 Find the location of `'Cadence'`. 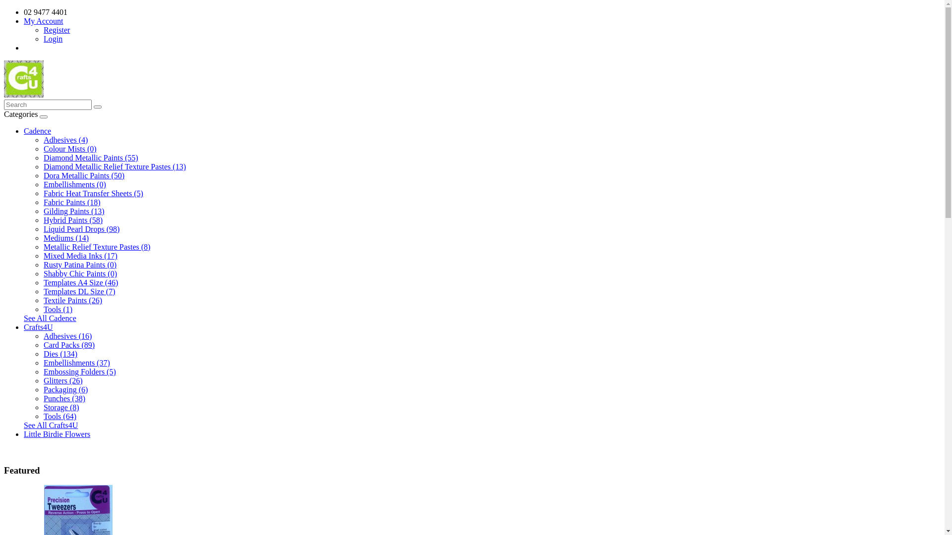

'Cadence' is located at coordinates (37, 130).